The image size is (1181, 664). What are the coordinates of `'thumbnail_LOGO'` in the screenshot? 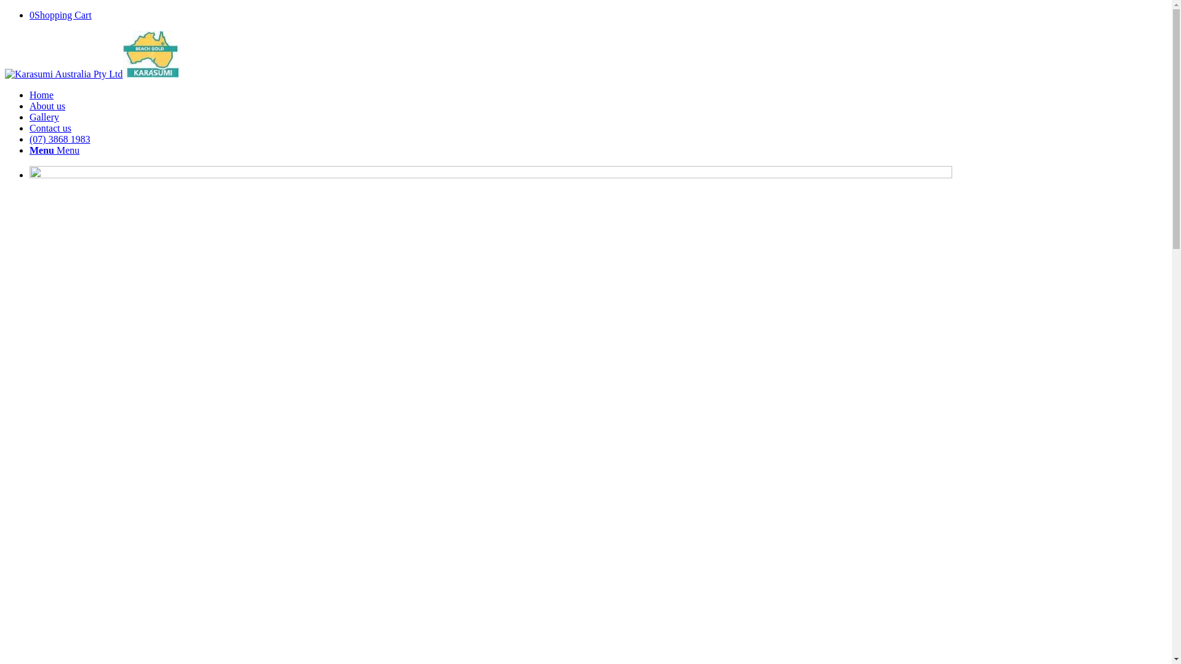 It's located at (63, 74).